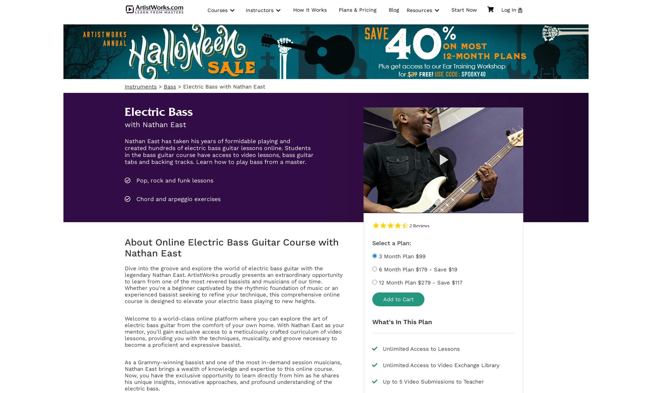 The image size is (652, 393). Describe the element at coordinates (377, 269) in the screenshot. I see `'6 Month Plan     $179  - Save $19'` at that location.